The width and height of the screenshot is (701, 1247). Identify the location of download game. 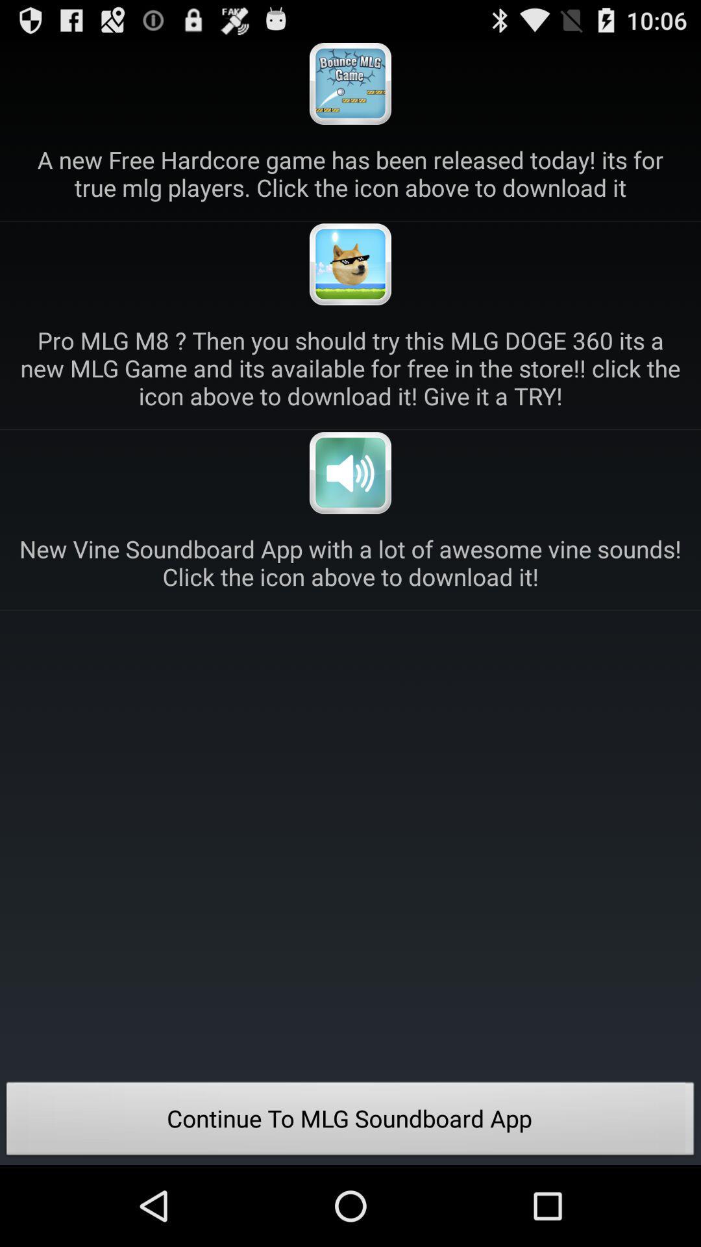
(350, 264).